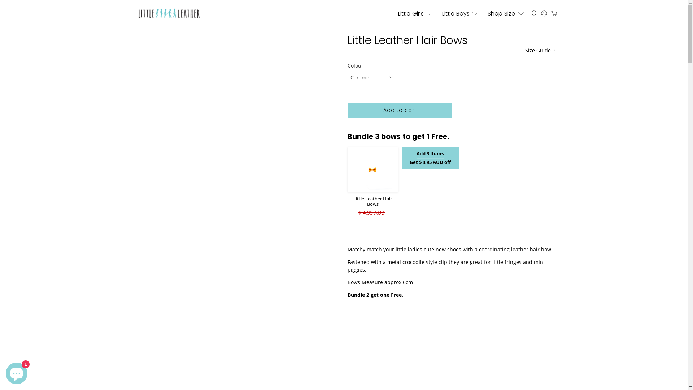  Describe the element at coordinates (461, 14) in the screenshot. I see `'Little Boys'` at that location.